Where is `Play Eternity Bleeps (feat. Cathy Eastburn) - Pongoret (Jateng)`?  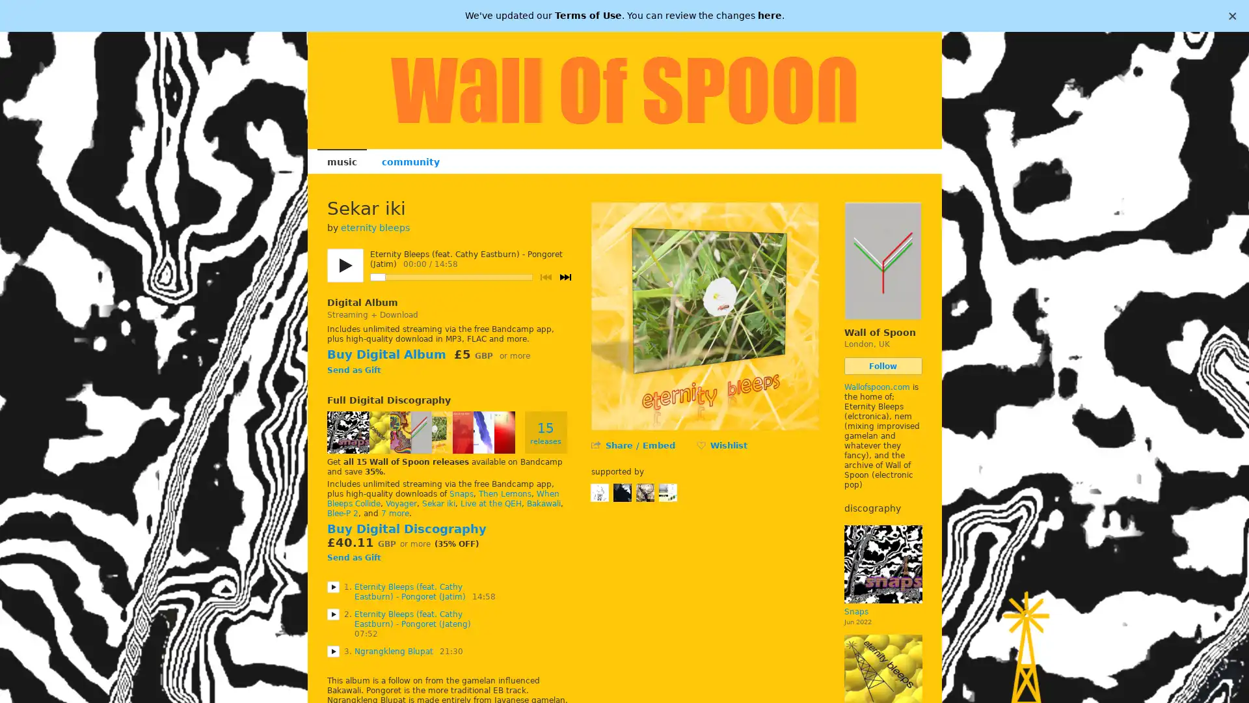
Play Eternity Bleeps (feat. Cathy Eastburn) - Pongoret (Jateng) is located at coordinates (332, 613).